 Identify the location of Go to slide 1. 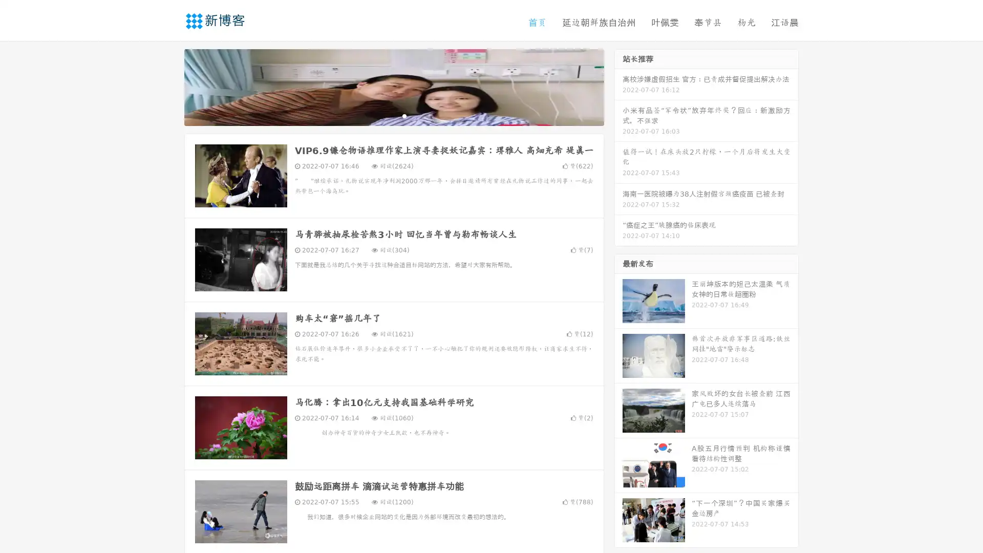
(383, 115).